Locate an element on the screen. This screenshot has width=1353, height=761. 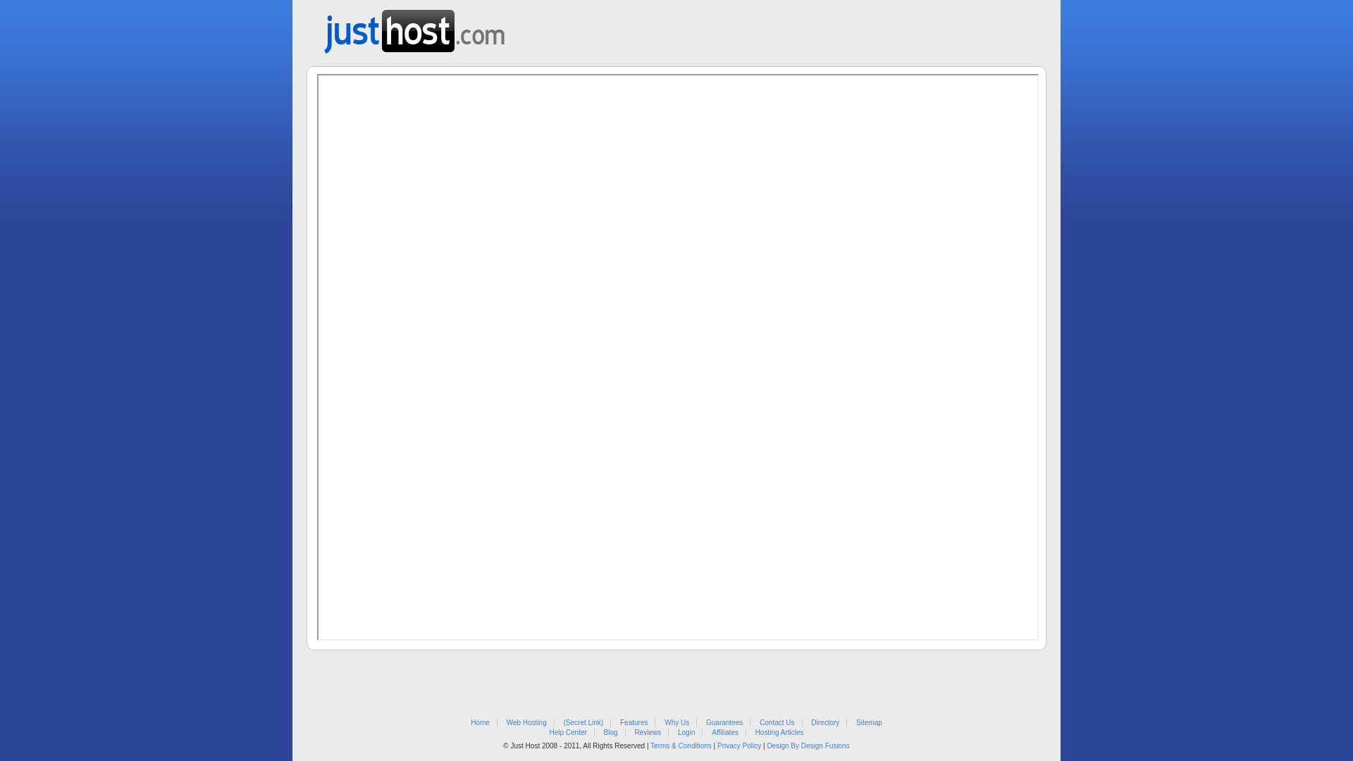
'Web Hosting from Just Host' is located at coordinates (414, 27).